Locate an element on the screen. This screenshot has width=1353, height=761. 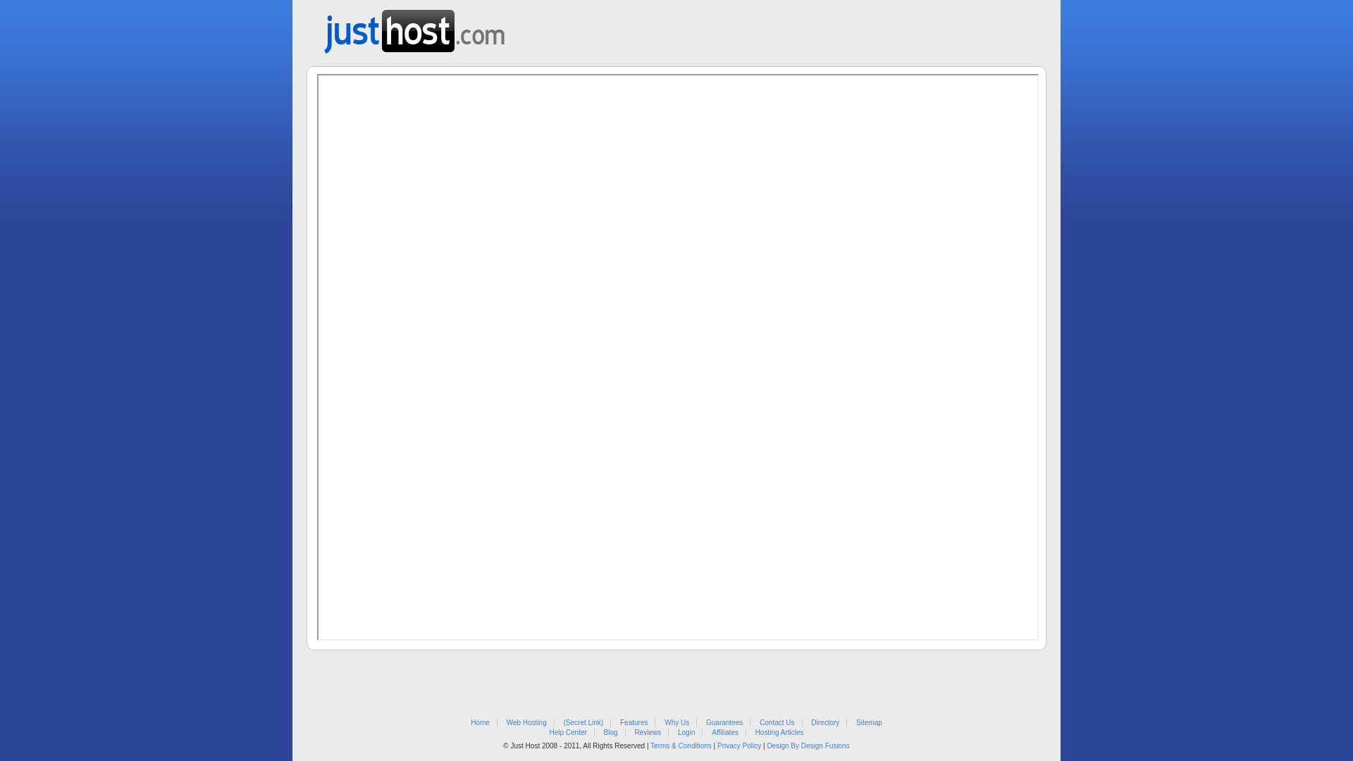
'Web Hosting from Just Host' is located at coordinates (414, 27).